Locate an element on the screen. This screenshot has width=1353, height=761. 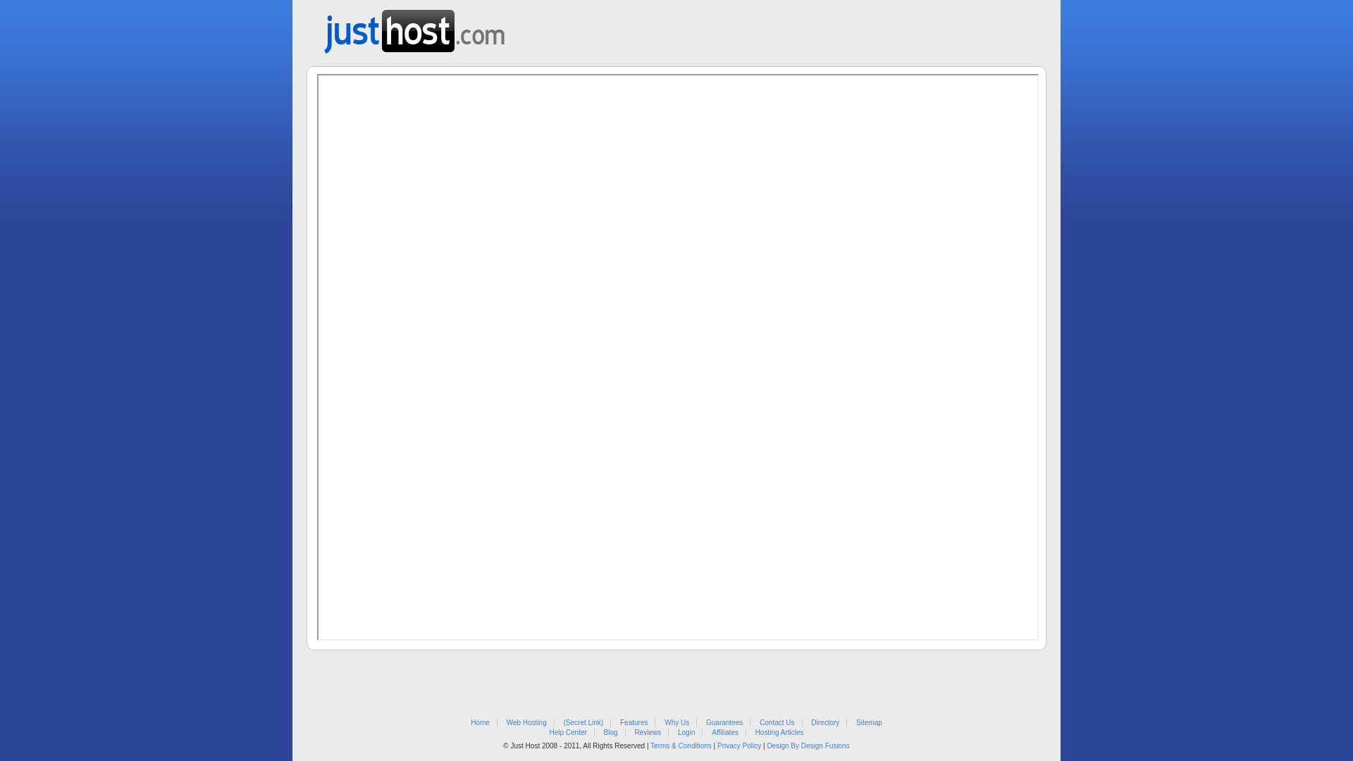
'Web Hosting from Just Host' is located at coordinates (414, 27).